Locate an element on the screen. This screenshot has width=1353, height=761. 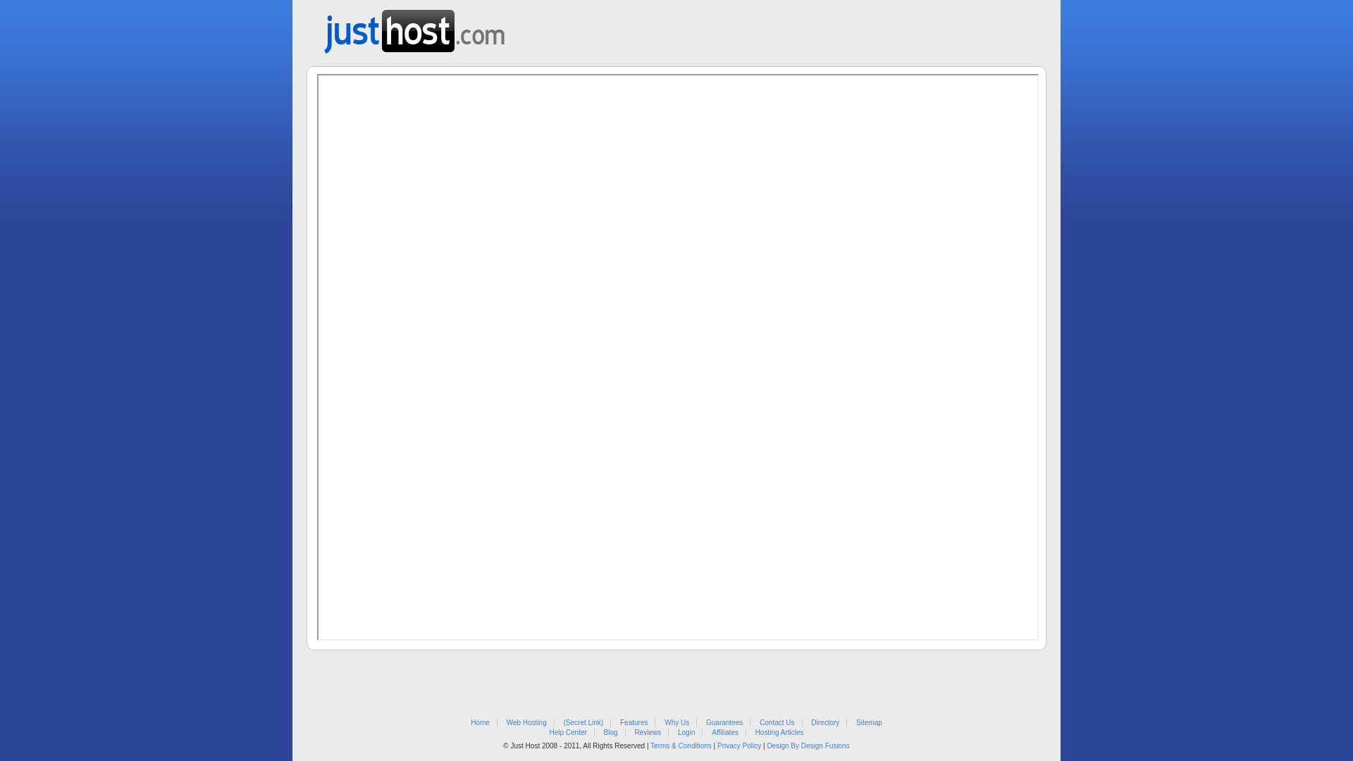
'Web Hosting from Just Host' is located at coordinates (414, 27).